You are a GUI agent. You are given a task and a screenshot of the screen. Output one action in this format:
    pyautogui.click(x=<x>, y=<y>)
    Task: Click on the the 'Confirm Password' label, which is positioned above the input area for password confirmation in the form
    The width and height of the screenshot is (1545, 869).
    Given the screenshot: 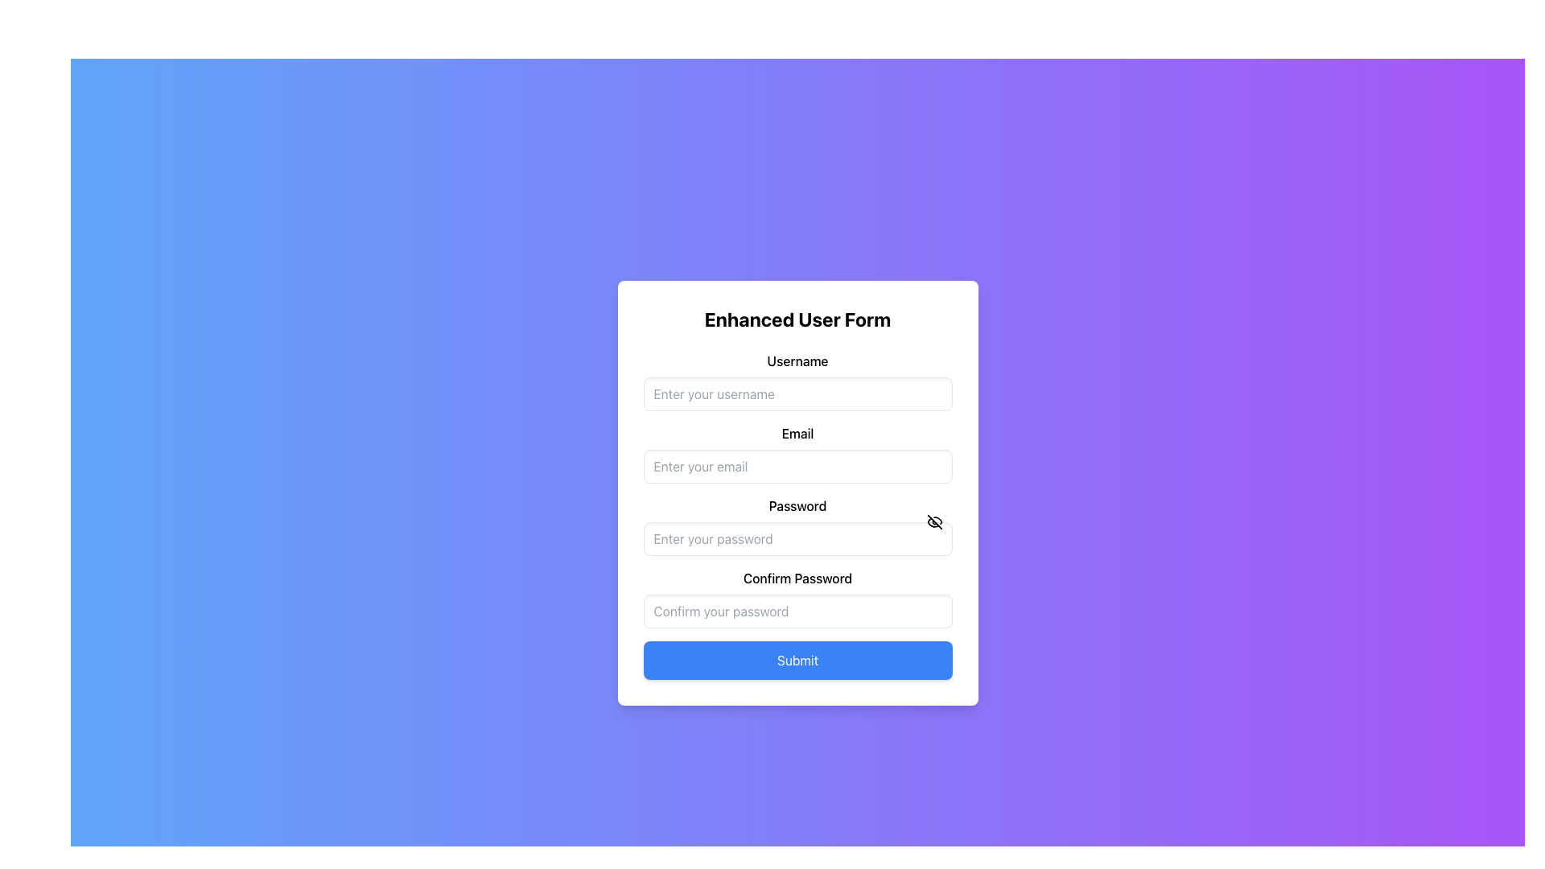 What is the action you would take?
    pyautogui.click(x=797, y=577)
    